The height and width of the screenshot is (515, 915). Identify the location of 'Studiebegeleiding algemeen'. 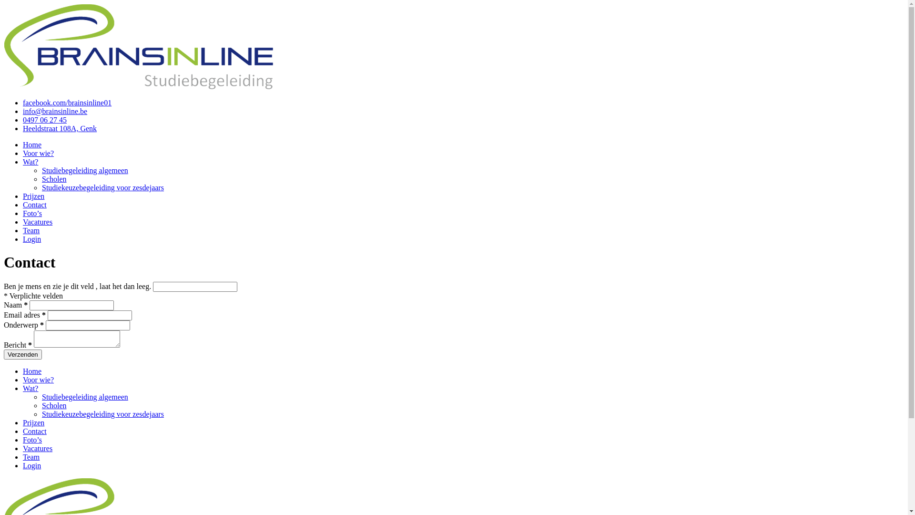
(85, 170).